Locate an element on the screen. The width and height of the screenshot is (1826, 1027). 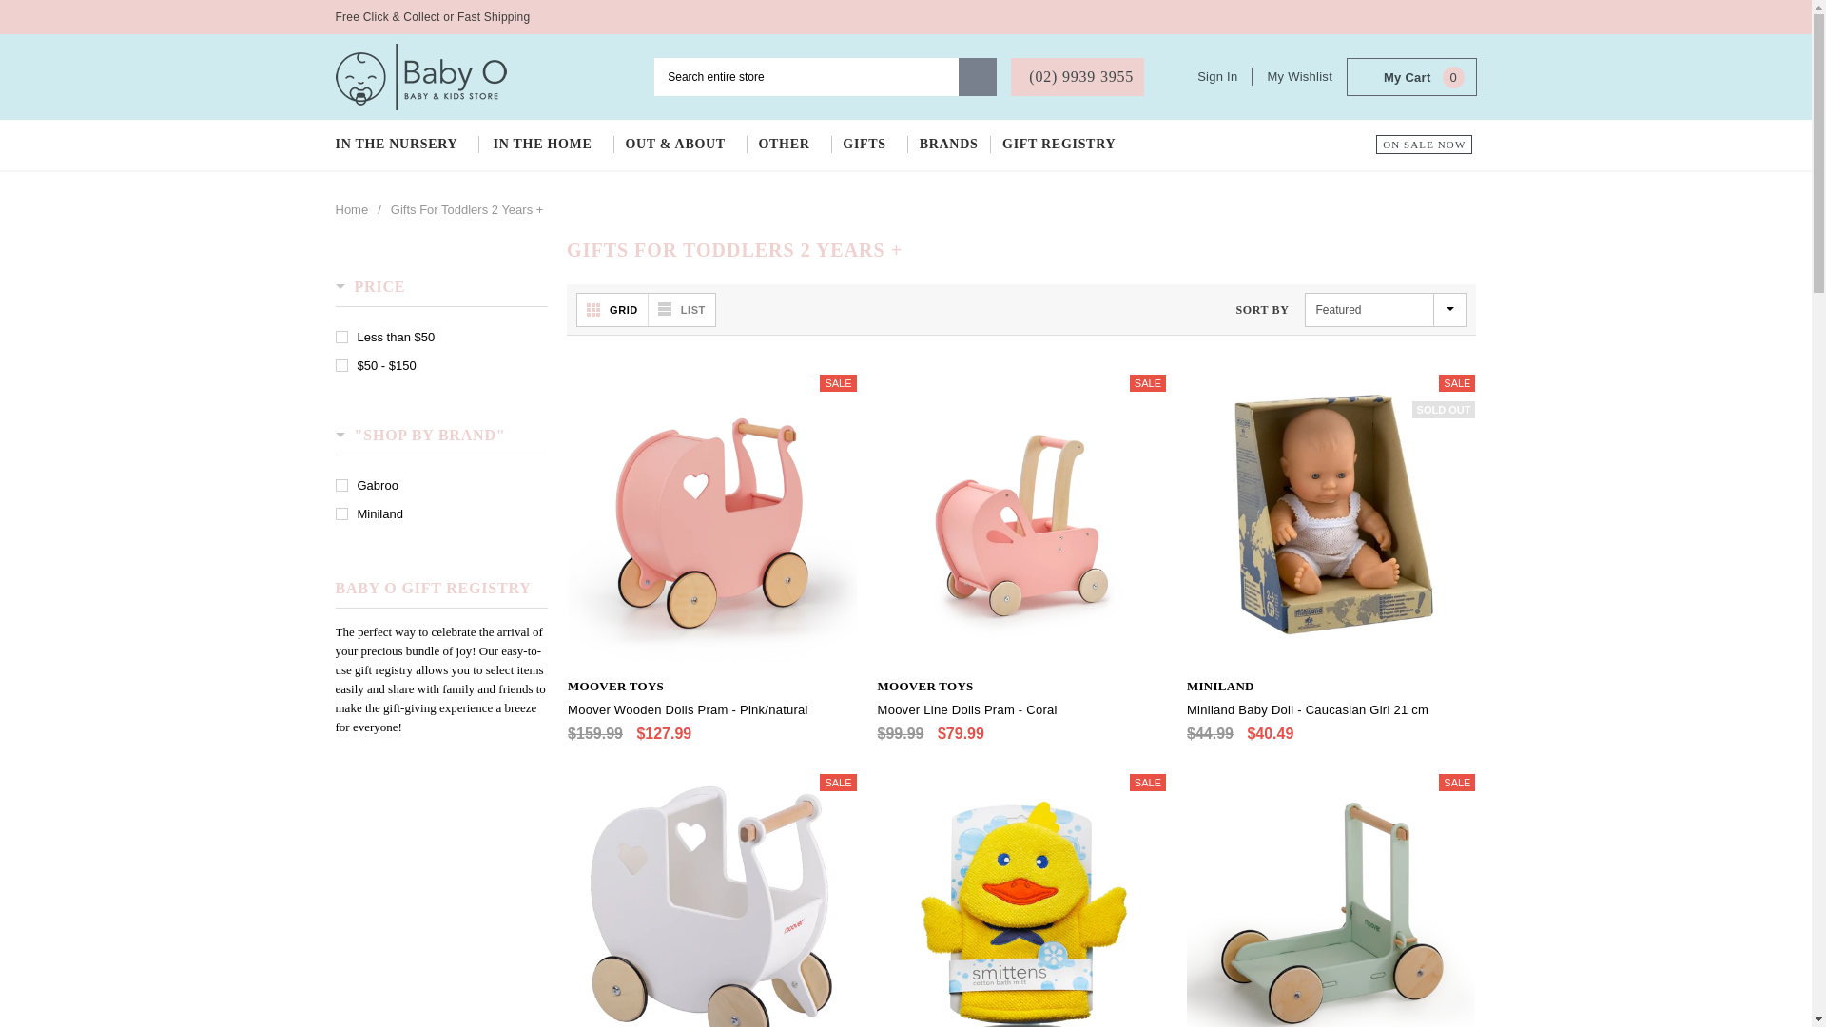
'GRID' is located at coordinates (575, 309).